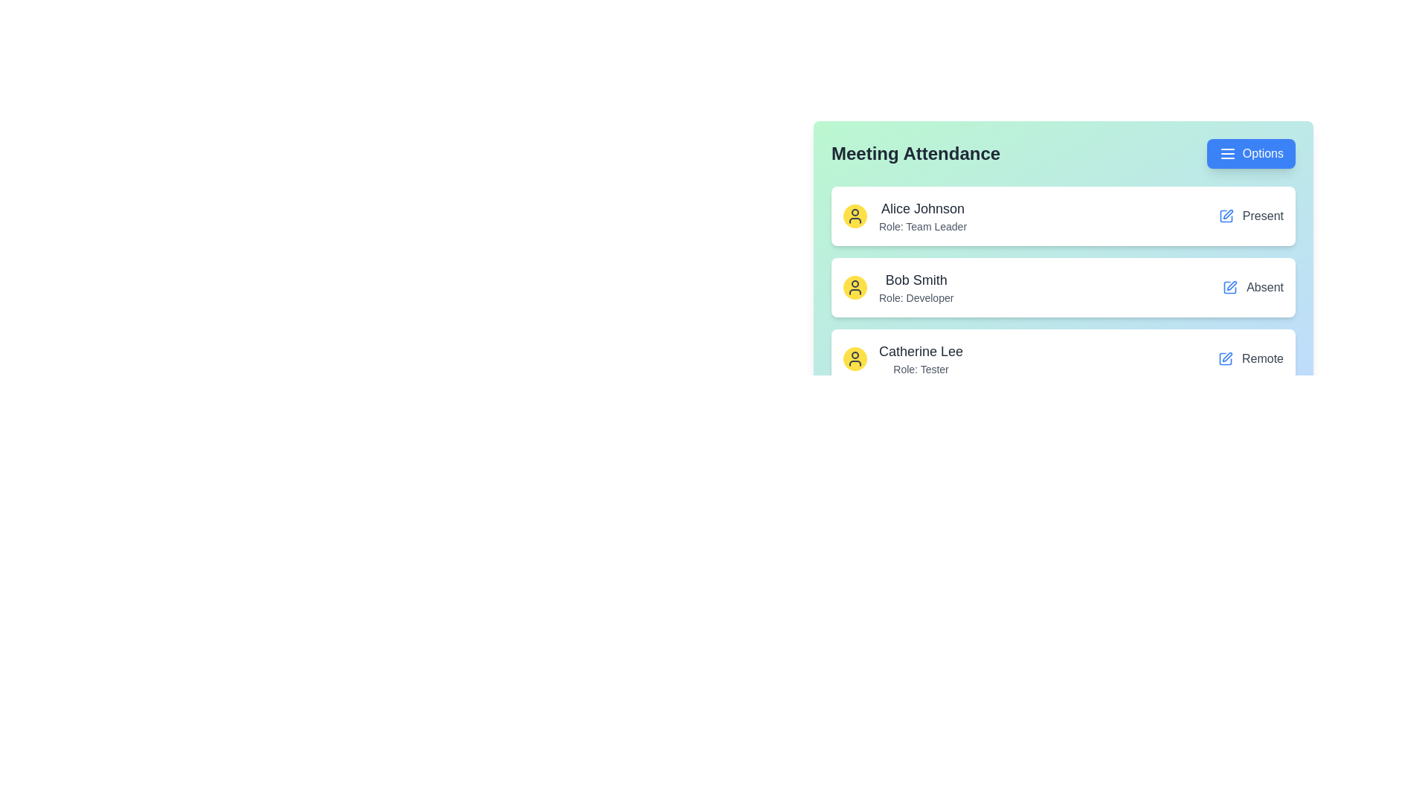 The image size is (1428, 803). I want to click on the user avatar icon located to the left of the text 'Bob Smith Role: Developer' in the second row of the attendance list, so click(855, 287).